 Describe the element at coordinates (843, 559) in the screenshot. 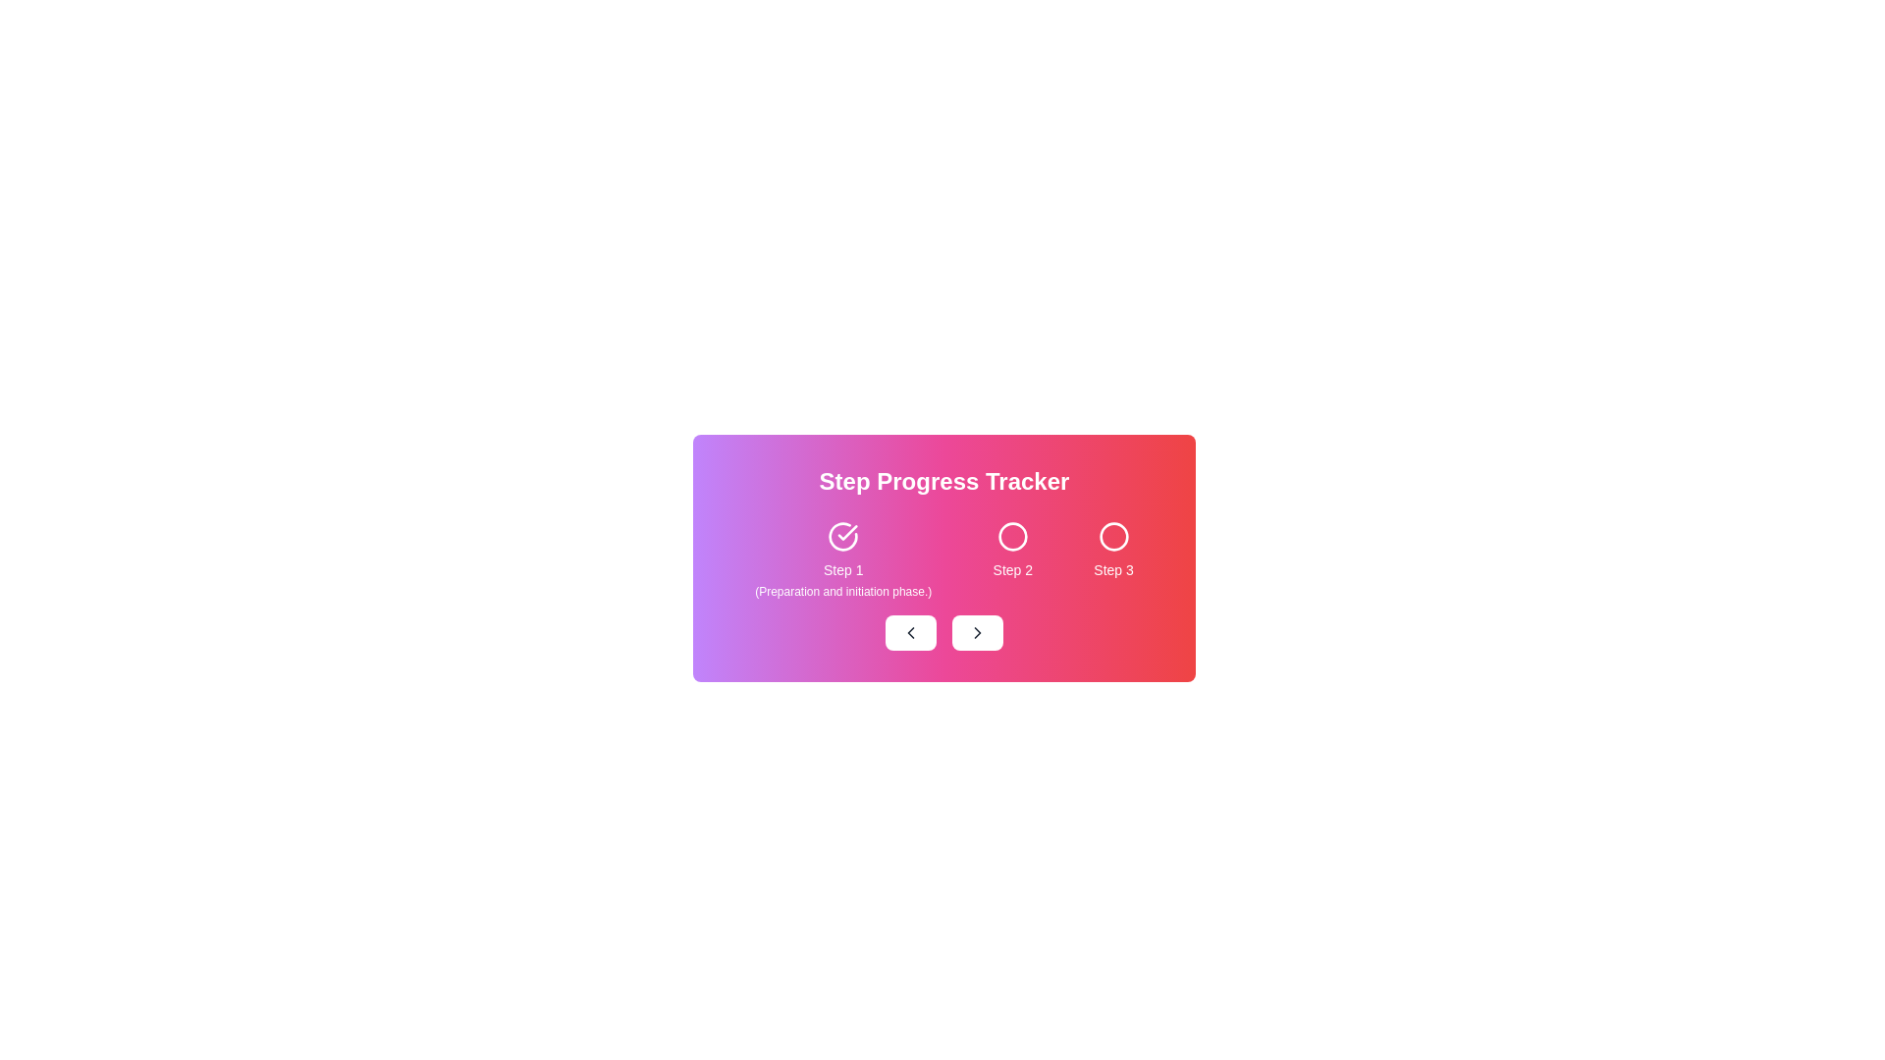

I see `the status of the first Progress Tracker Item labeled 'Step 1', which has been completed and shows a checkmark icon` at that location.